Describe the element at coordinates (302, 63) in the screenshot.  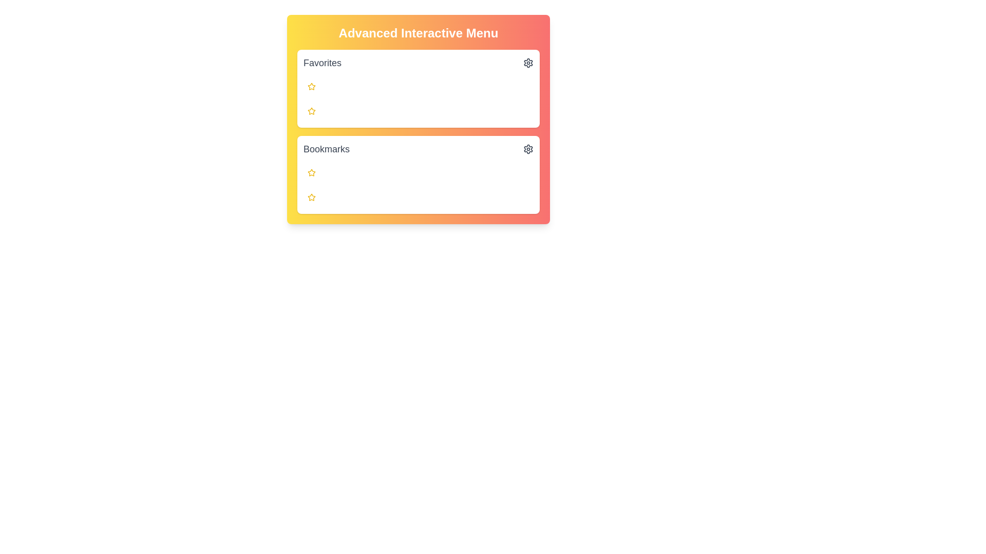
I see `the text content of the section titled Favorites` at that location.